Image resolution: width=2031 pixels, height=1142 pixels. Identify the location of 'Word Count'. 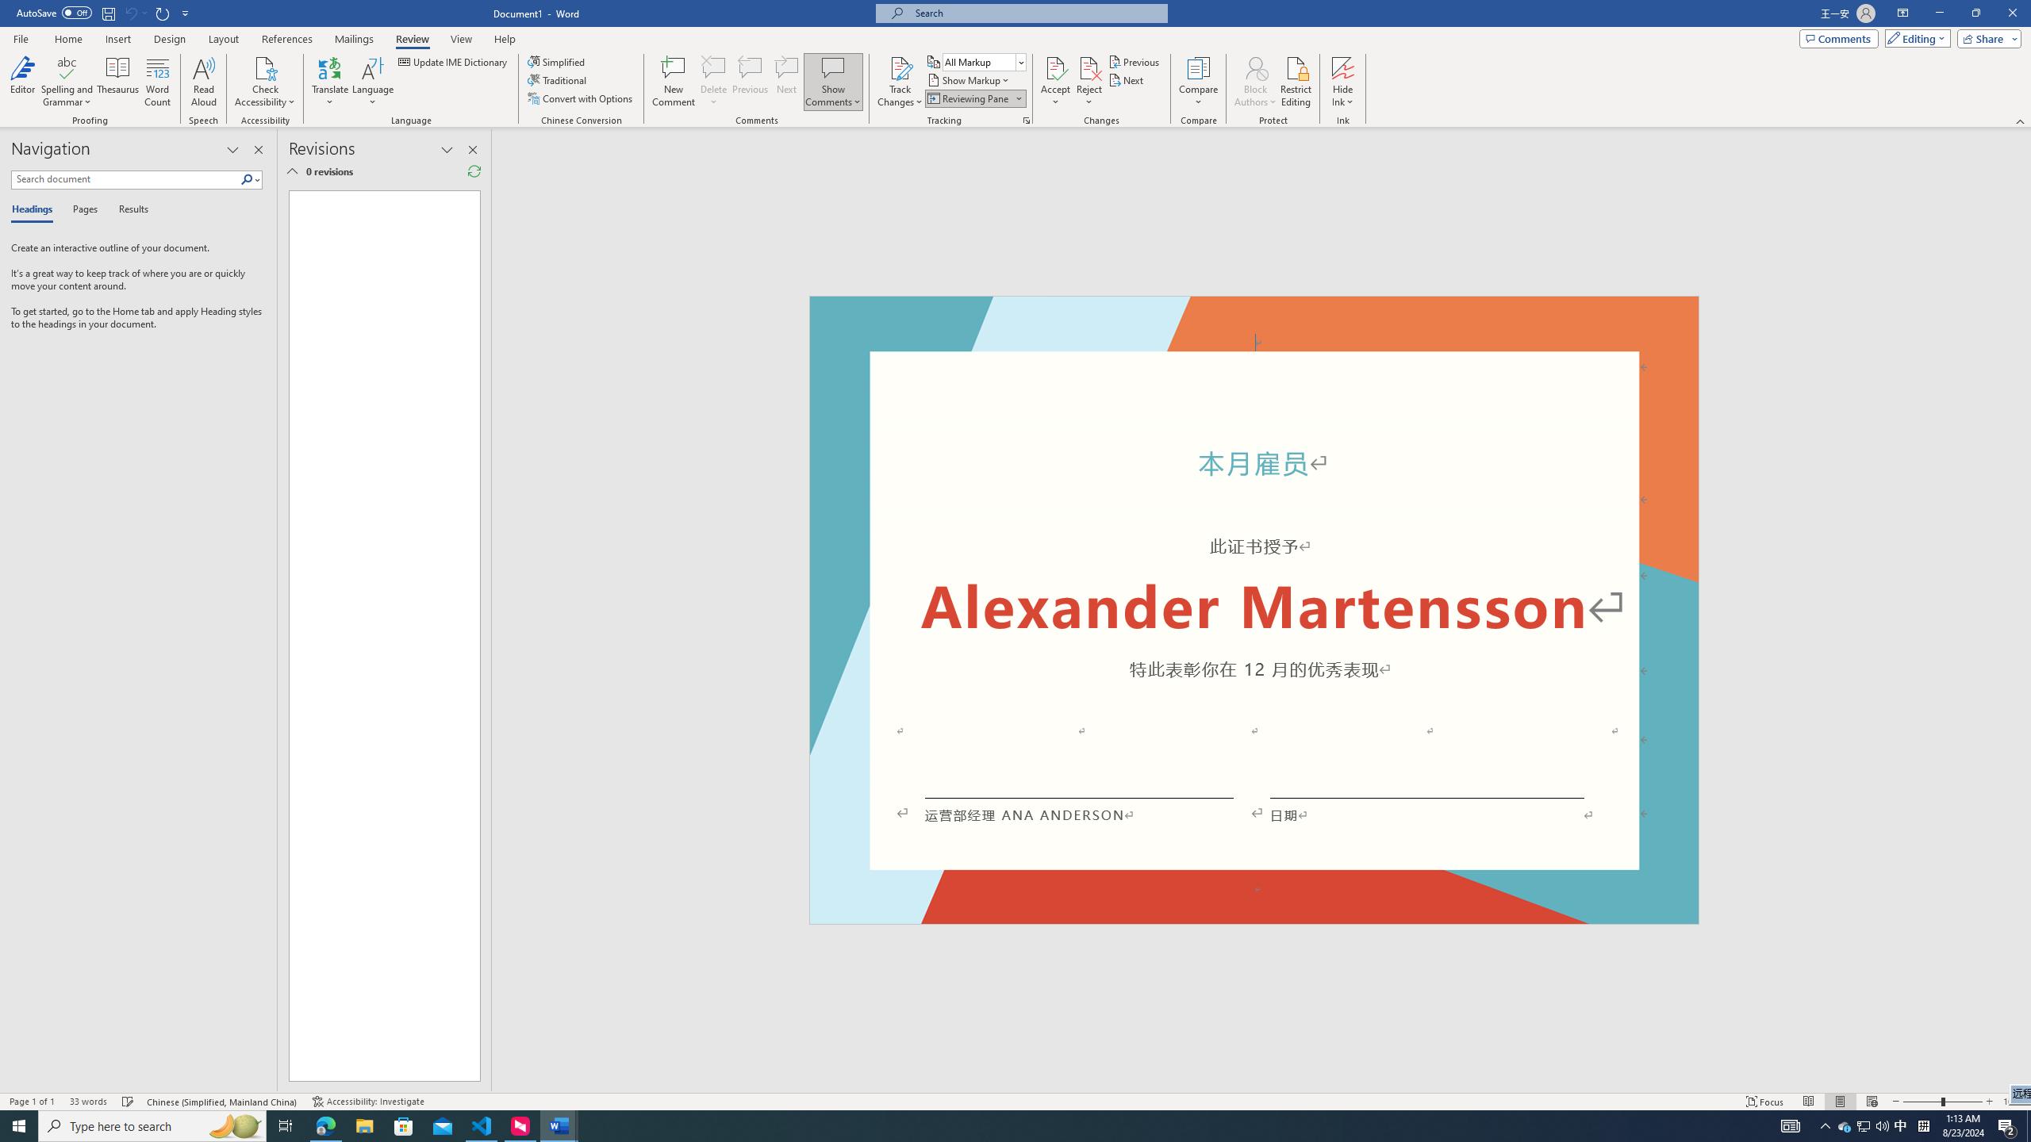
(158, 82).